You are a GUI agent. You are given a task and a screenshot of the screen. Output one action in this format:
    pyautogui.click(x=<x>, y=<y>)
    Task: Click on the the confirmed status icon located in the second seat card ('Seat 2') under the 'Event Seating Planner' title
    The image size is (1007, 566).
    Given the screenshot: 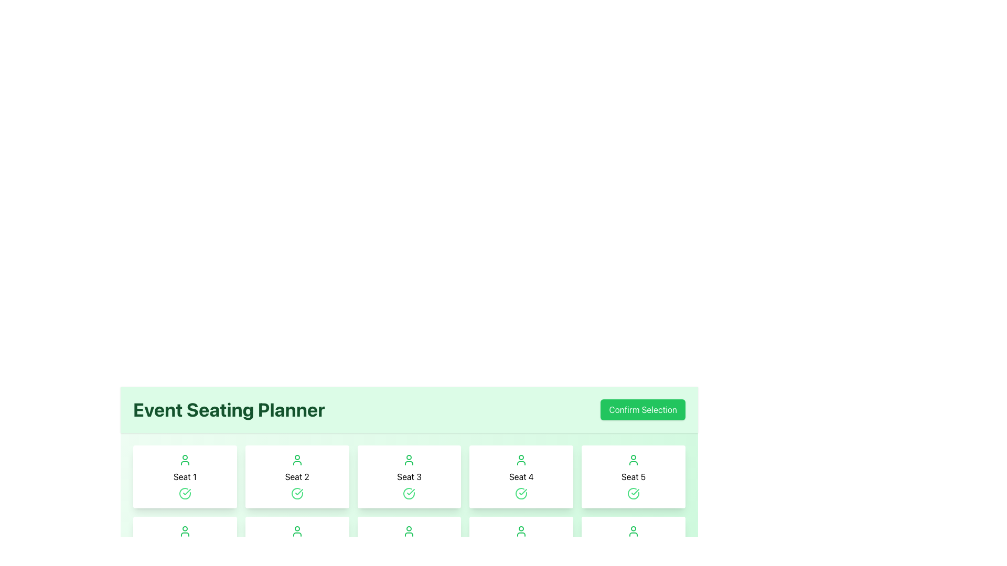 What is the action you would take?
    pyautogui.click(x=298, y=492)
    